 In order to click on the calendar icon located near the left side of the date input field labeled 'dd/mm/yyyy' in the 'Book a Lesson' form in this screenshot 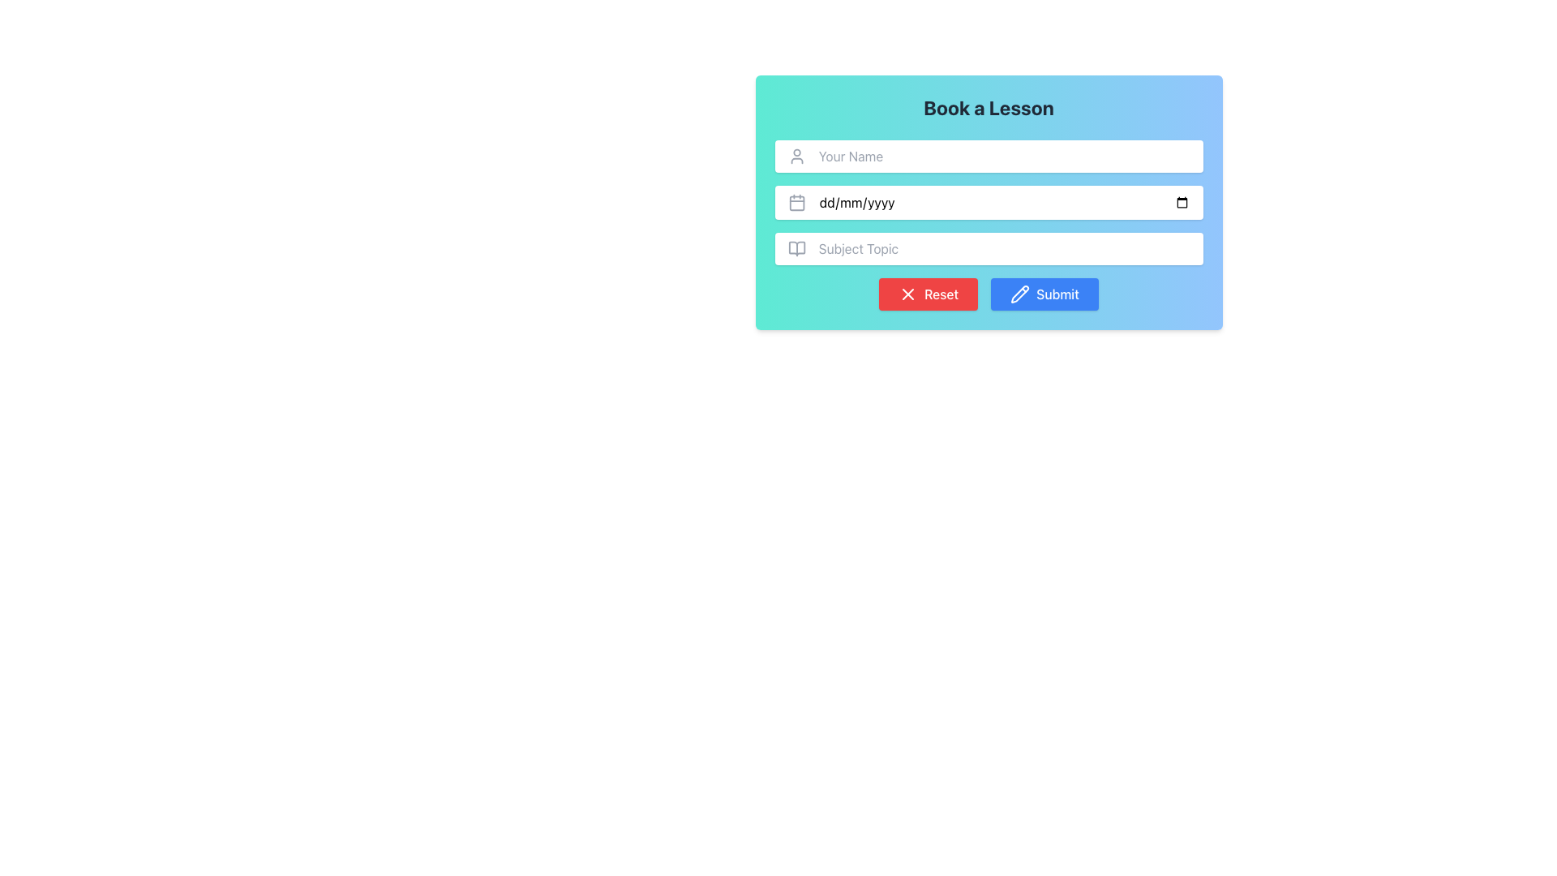, I will do `click(796, 202)`.